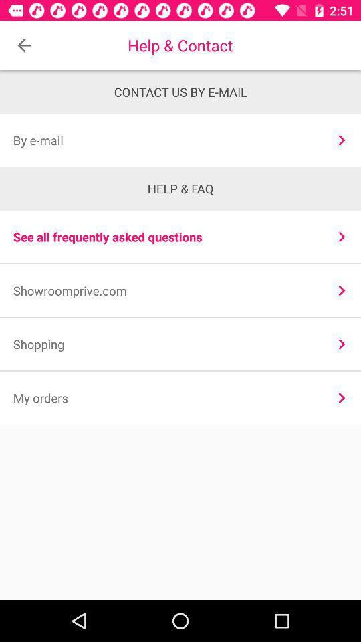  What do you see at coordinates (342, 398) in the screenshot?
I see `the icon to the right of my orders` at bounding box center [342, 398].